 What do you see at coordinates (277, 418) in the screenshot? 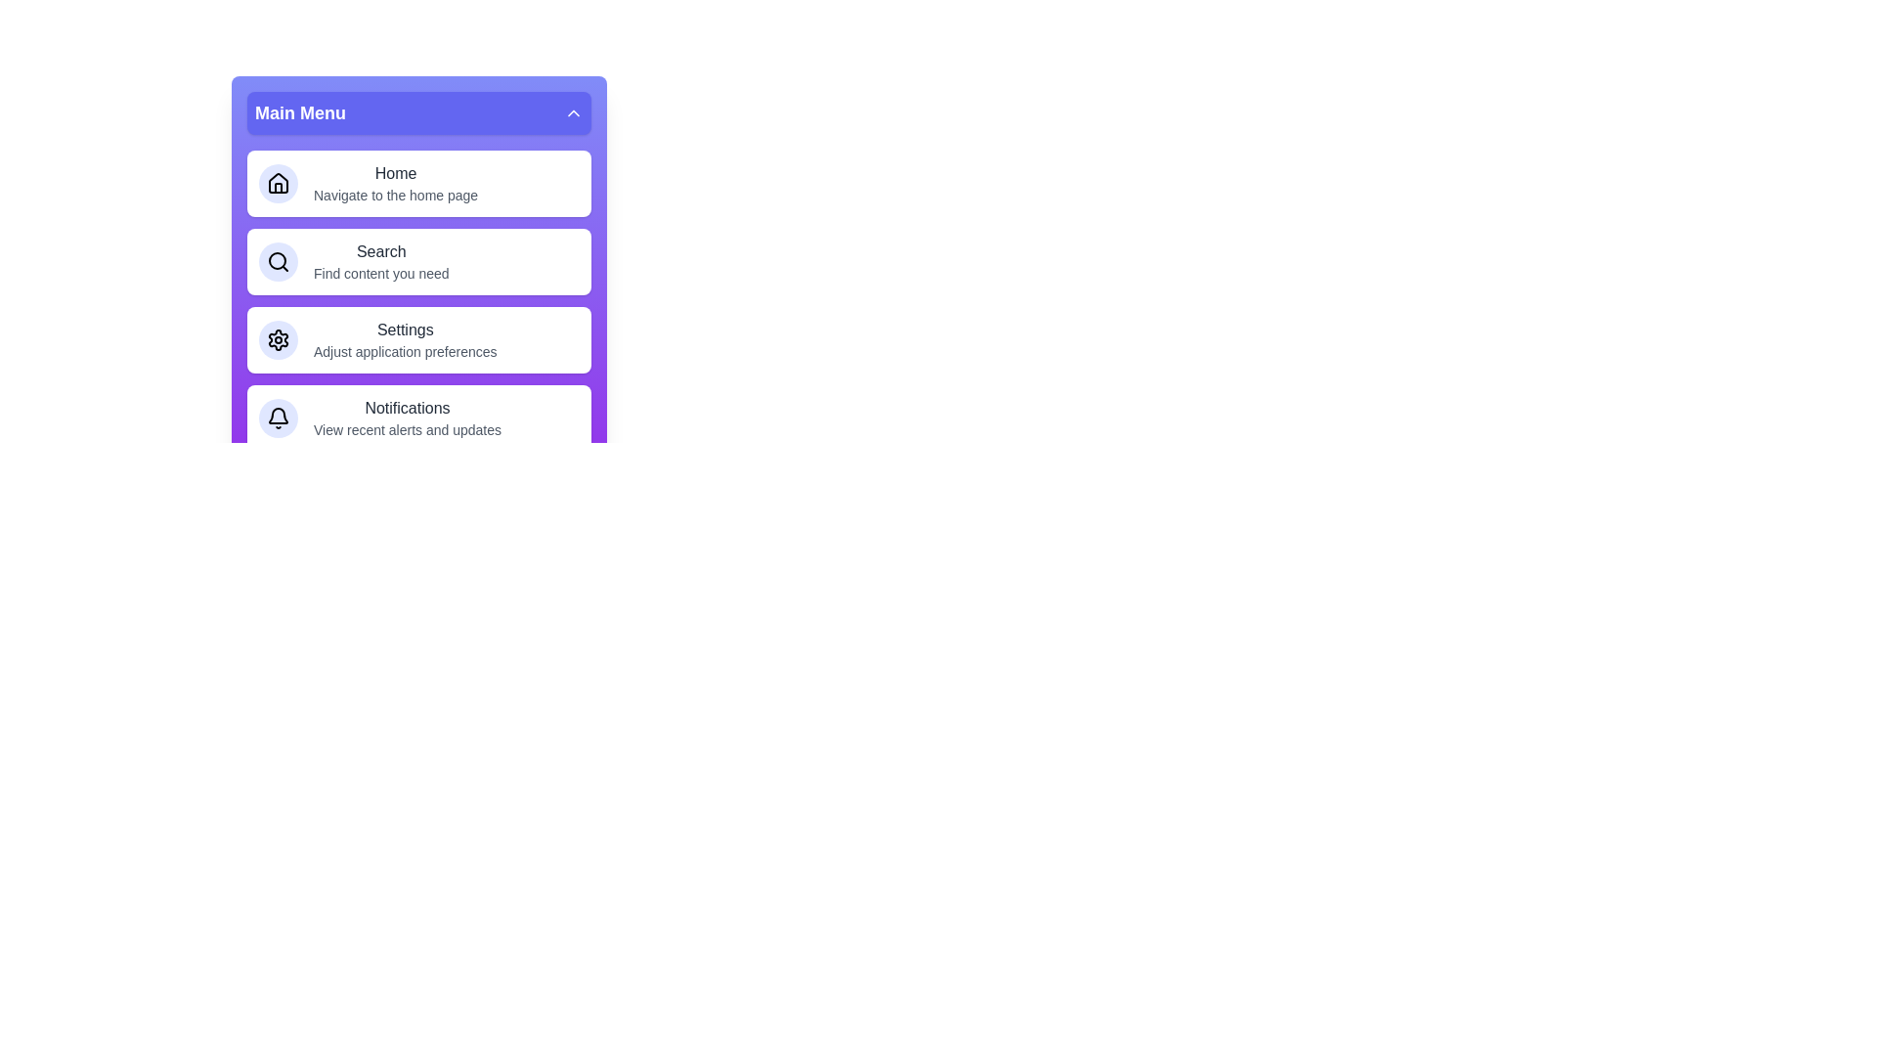
I see `the icon associated with the menu item Notifications` at bounding box center [277, 418].